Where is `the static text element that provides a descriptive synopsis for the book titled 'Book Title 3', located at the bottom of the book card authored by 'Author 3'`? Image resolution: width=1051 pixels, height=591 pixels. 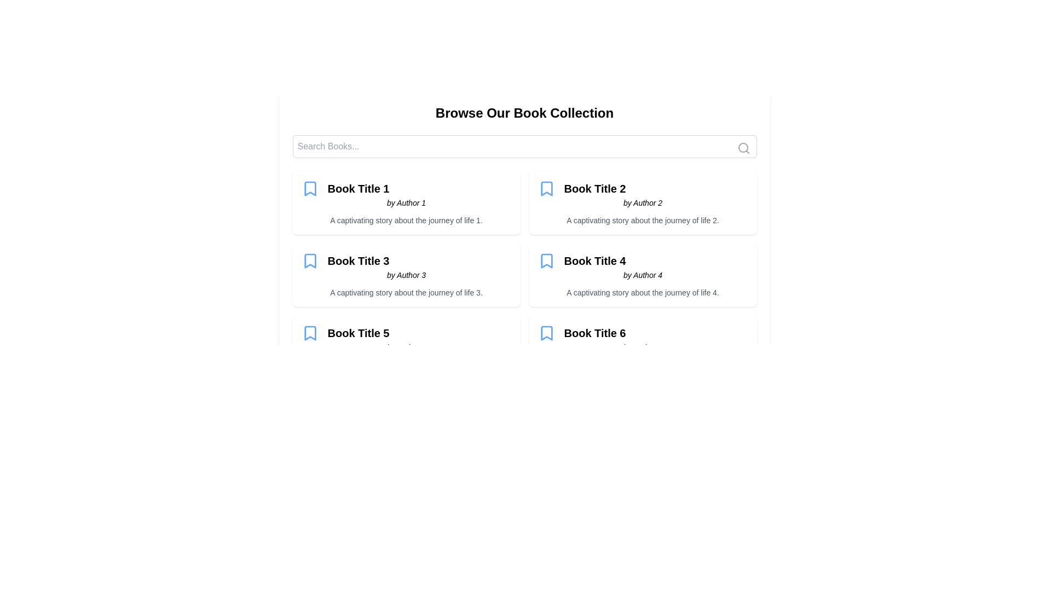 the static text element that provides a descriptive synopsis for the book titled 'Book Title 3', located at the bottom of the book card authored by 'Author 3' is located at coordinates (406, 292).